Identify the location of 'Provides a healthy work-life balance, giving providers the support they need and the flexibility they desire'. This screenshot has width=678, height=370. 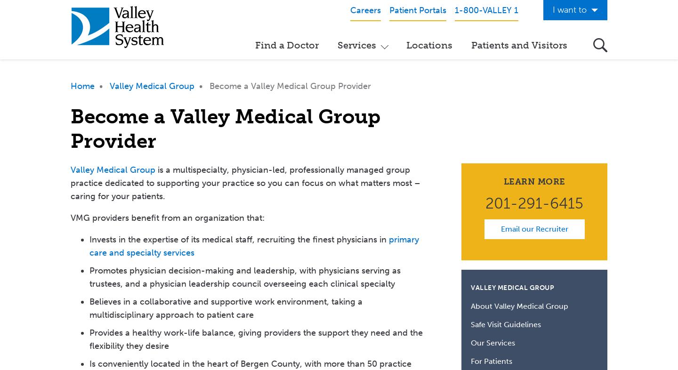
(256, 338).